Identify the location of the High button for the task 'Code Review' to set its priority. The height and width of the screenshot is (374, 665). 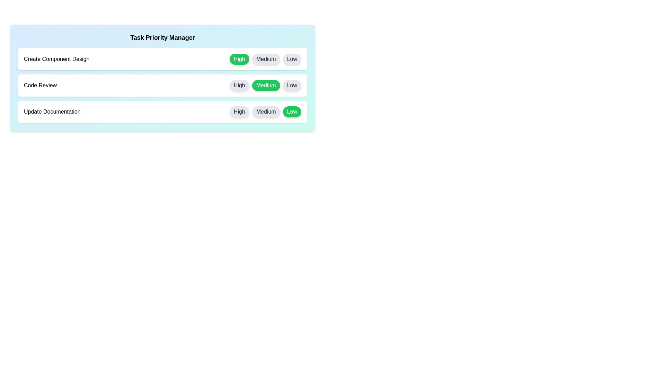
(239, 85).